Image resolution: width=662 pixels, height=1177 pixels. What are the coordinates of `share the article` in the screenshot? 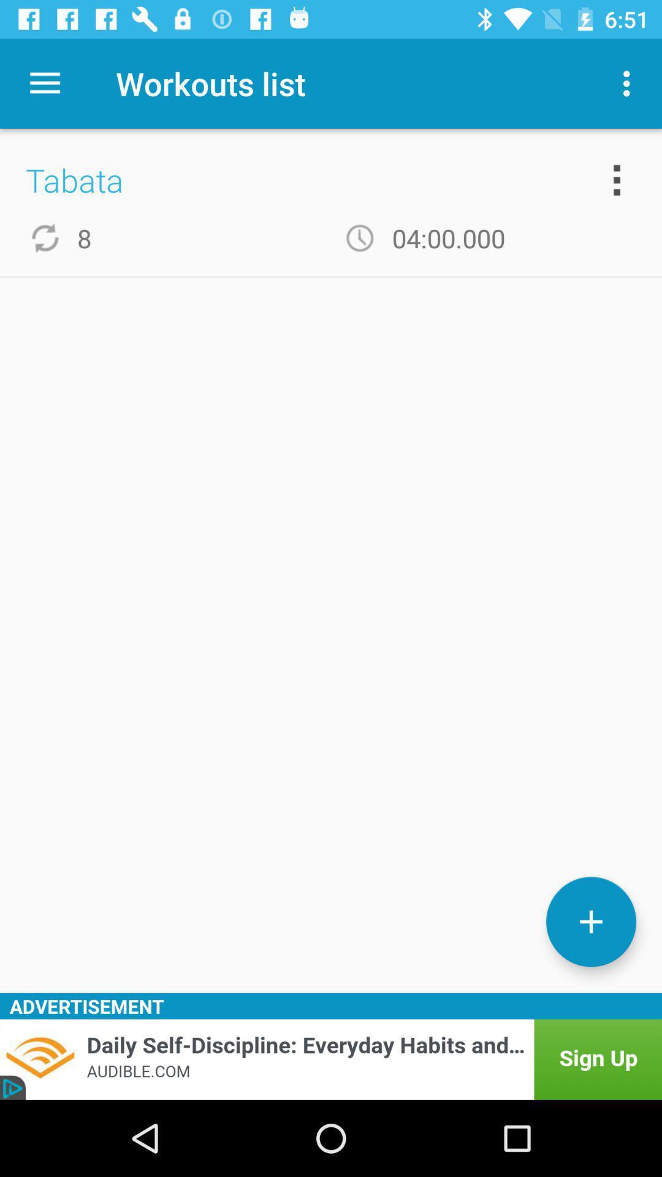 It's located at (331, 1059).